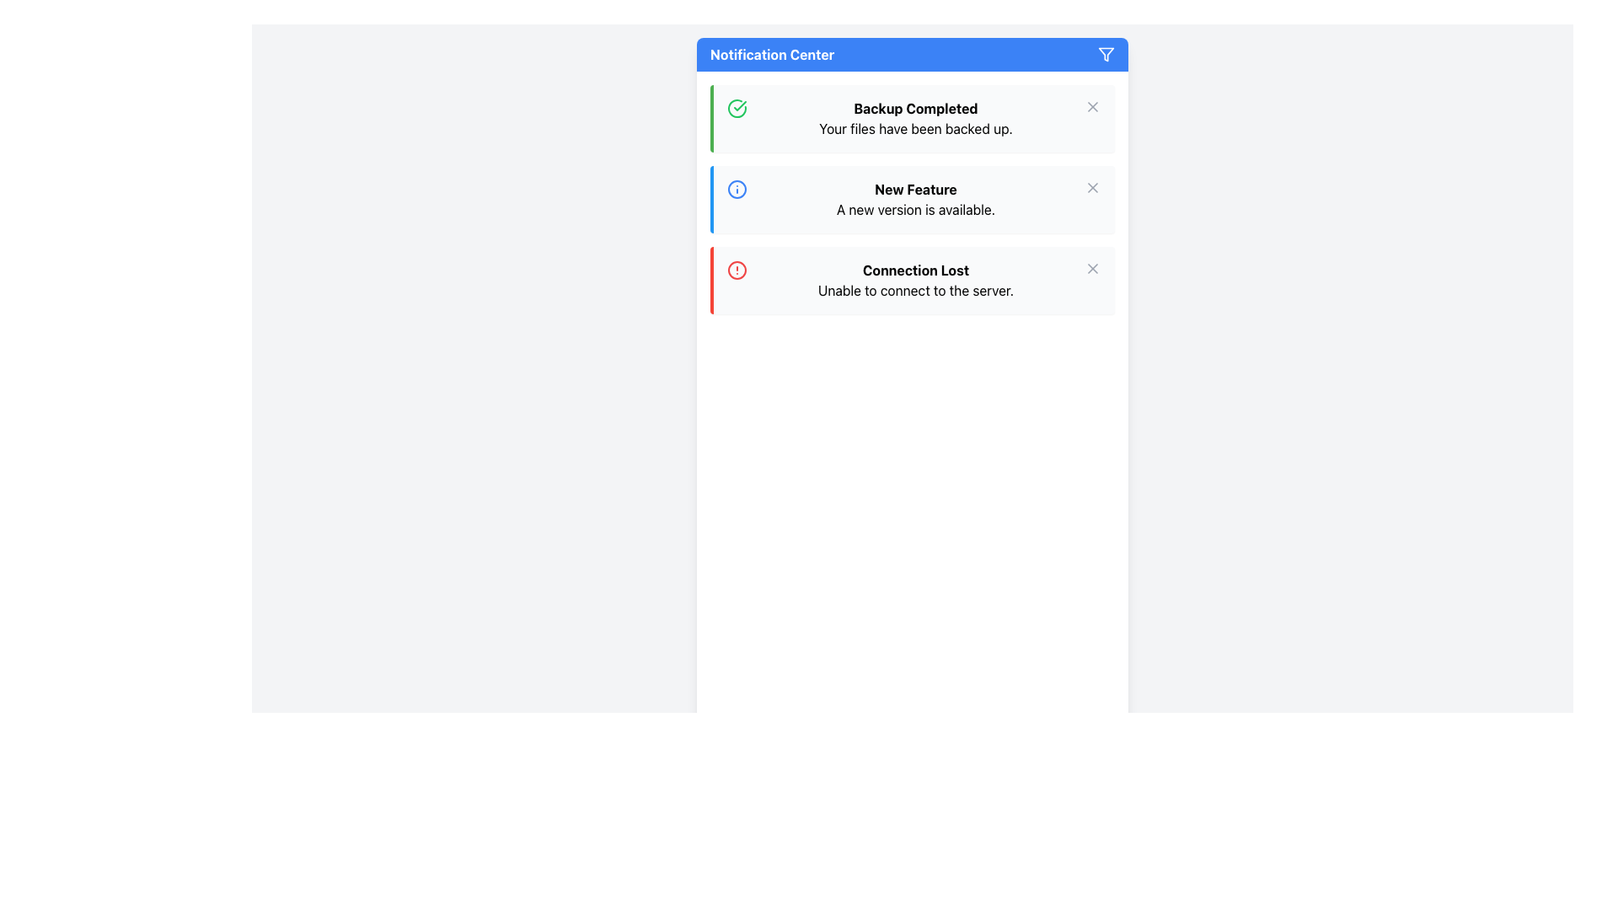 This screenshot has height=910, width=1618. What do you see at coordinates (740, 106) in the screenshot?
I see `the icon indicating 'Backup Completed' located on the left side of the notification card in the notifications list` at bounding box center [740, 106].